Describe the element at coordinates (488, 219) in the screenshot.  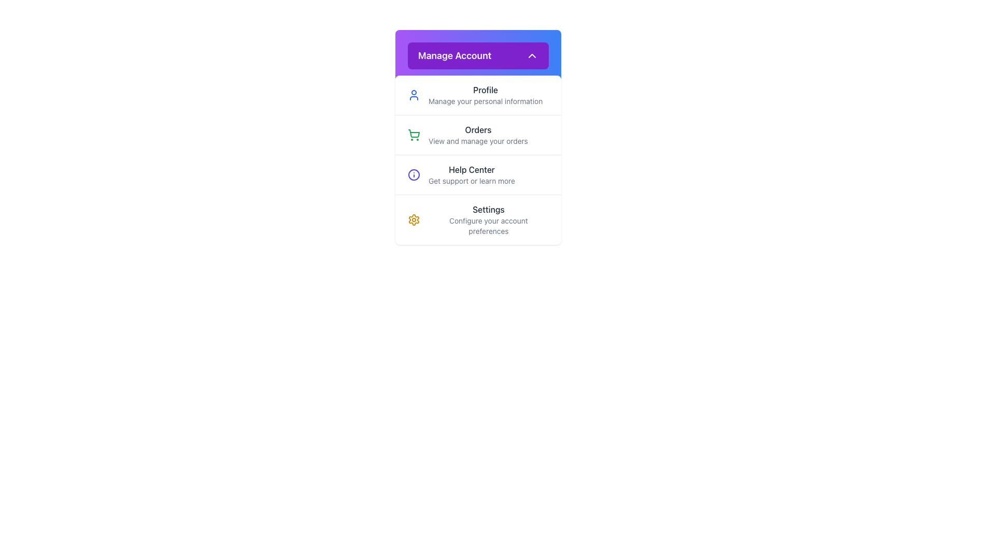
I see `the Text button with descriptive label in the dropdown menu` at that location.